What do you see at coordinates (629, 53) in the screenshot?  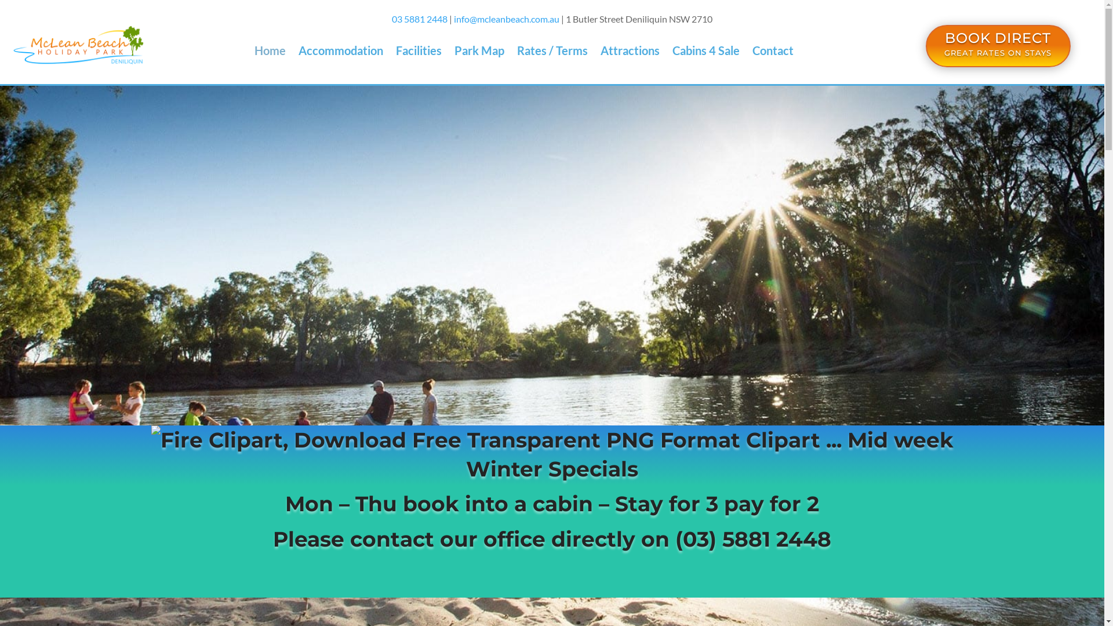 I see `'Attractions'` at bounding box center [629, 53].